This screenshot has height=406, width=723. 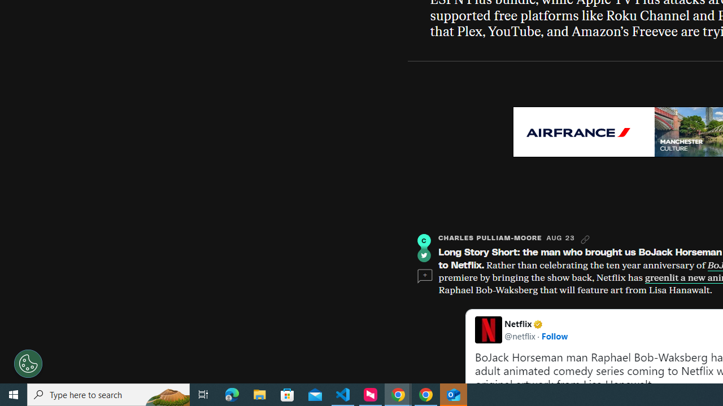 What do you see at coordinates (28, 364) in the screenshot?
I see `'Open Preferences'` at bounding box center [28, 364].